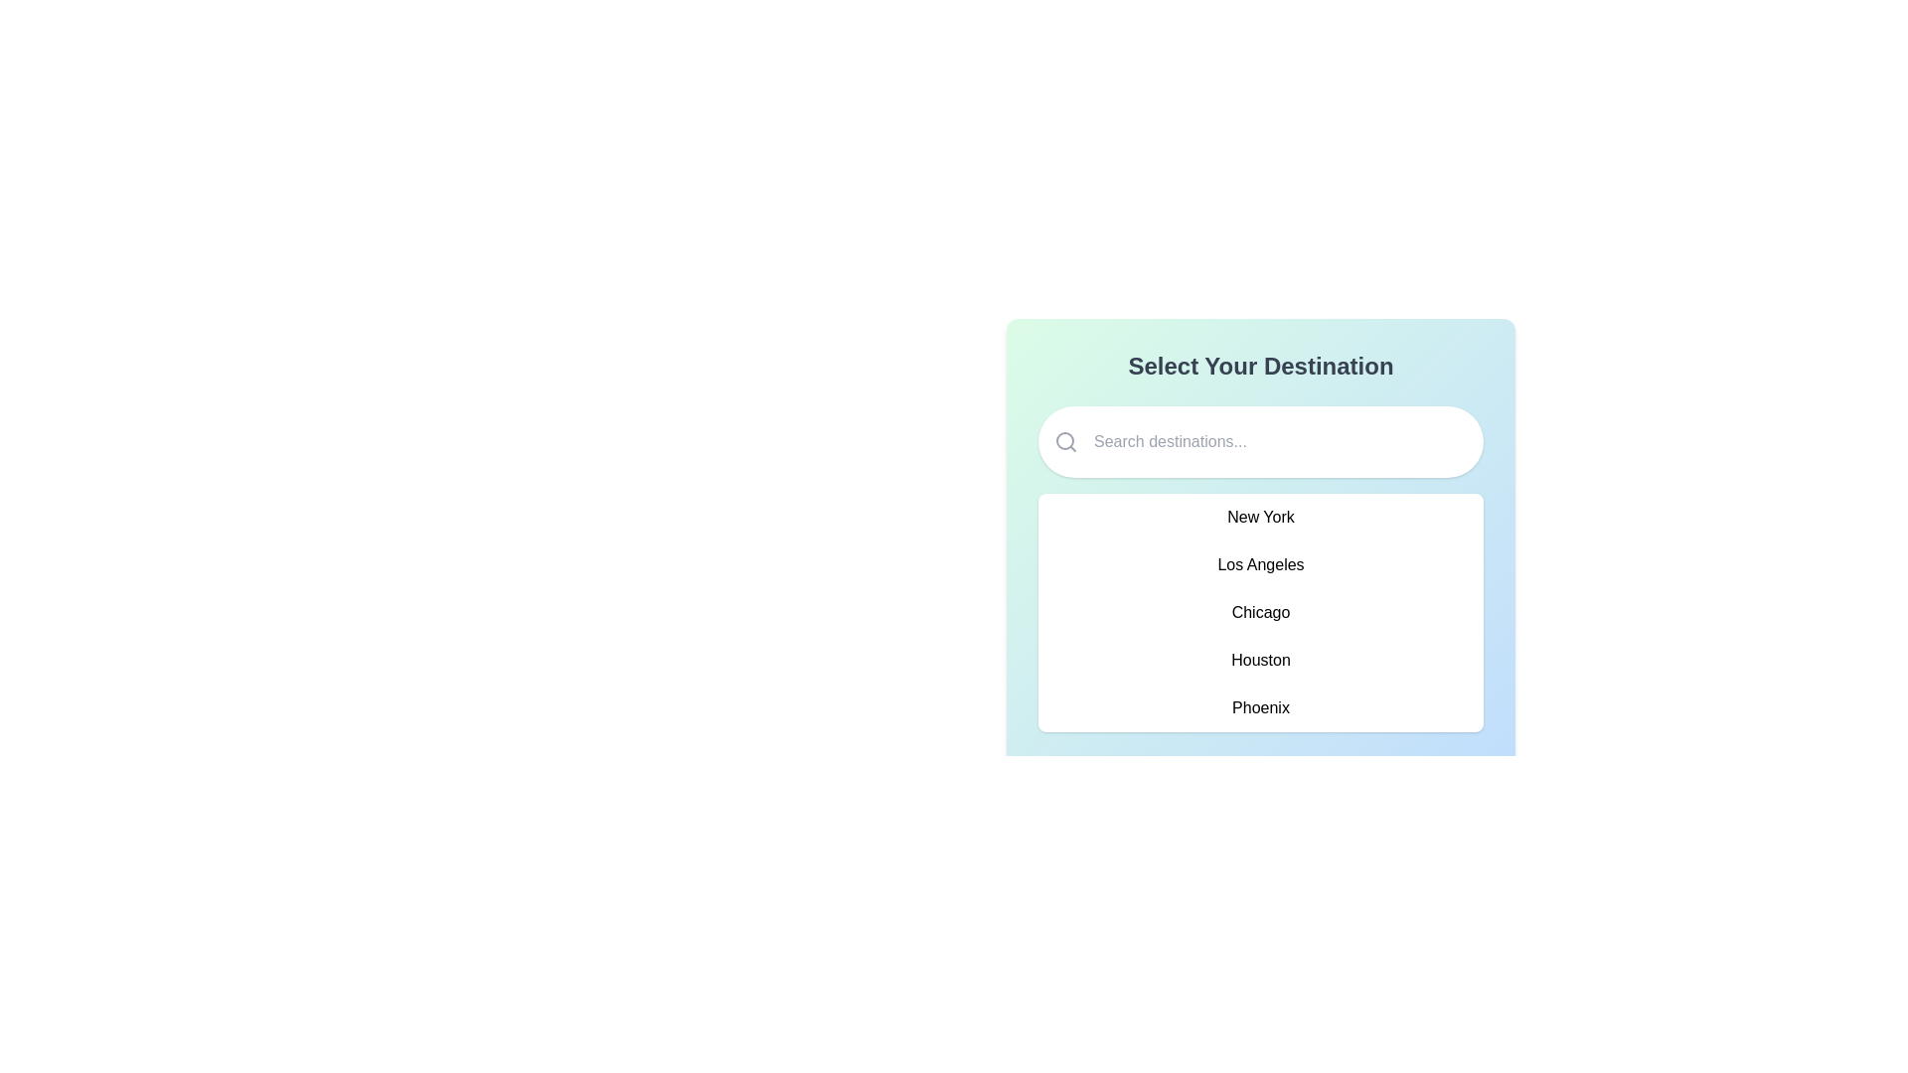 The height and width of the screenshot is (1073, 1908). Describe the element at coordinates (1259, 612) in the screenshot. I see `a city name inside the centrally located list of city names, which is below the search bar and header labeled 'Select Your Destination'` at that location.